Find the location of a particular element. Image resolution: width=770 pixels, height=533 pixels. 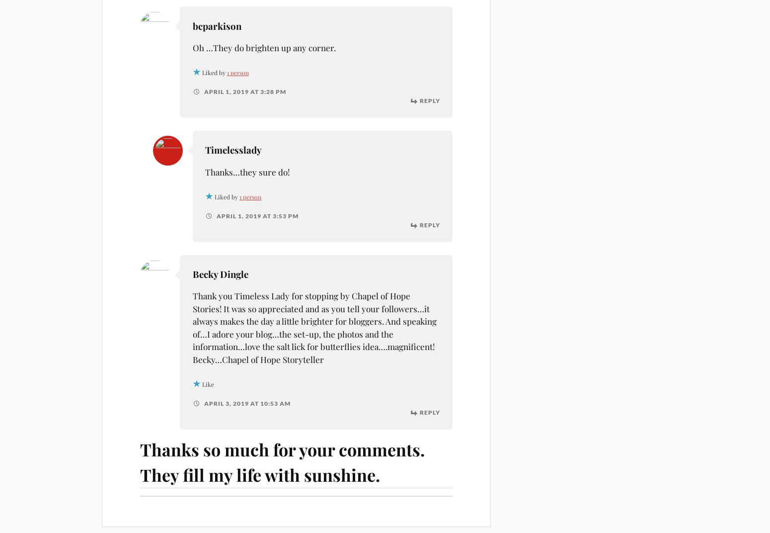

'bcparkison' is located at coordinates (217, 25).